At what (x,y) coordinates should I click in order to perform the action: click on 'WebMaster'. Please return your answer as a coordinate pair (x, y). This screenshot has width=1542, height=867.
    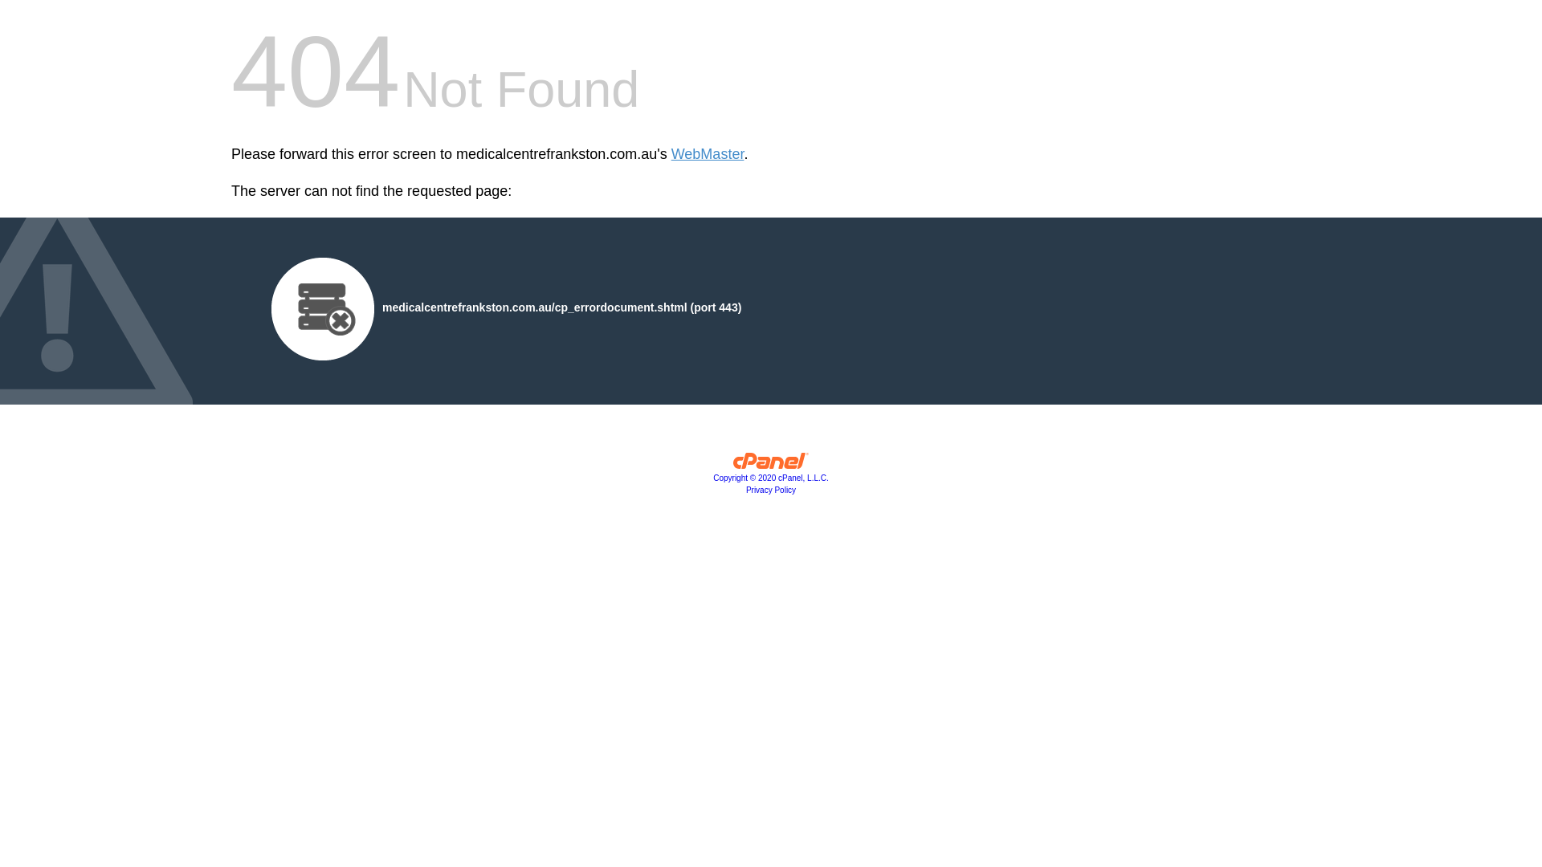
    Looking at the image, I should click on (707, 154).